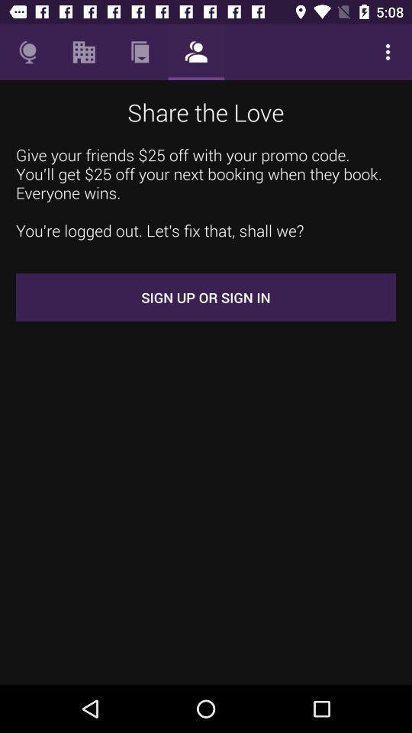  Describe the element at coordinates (206, 296) in the screenshot. I see `icon below give your friends` at that location.